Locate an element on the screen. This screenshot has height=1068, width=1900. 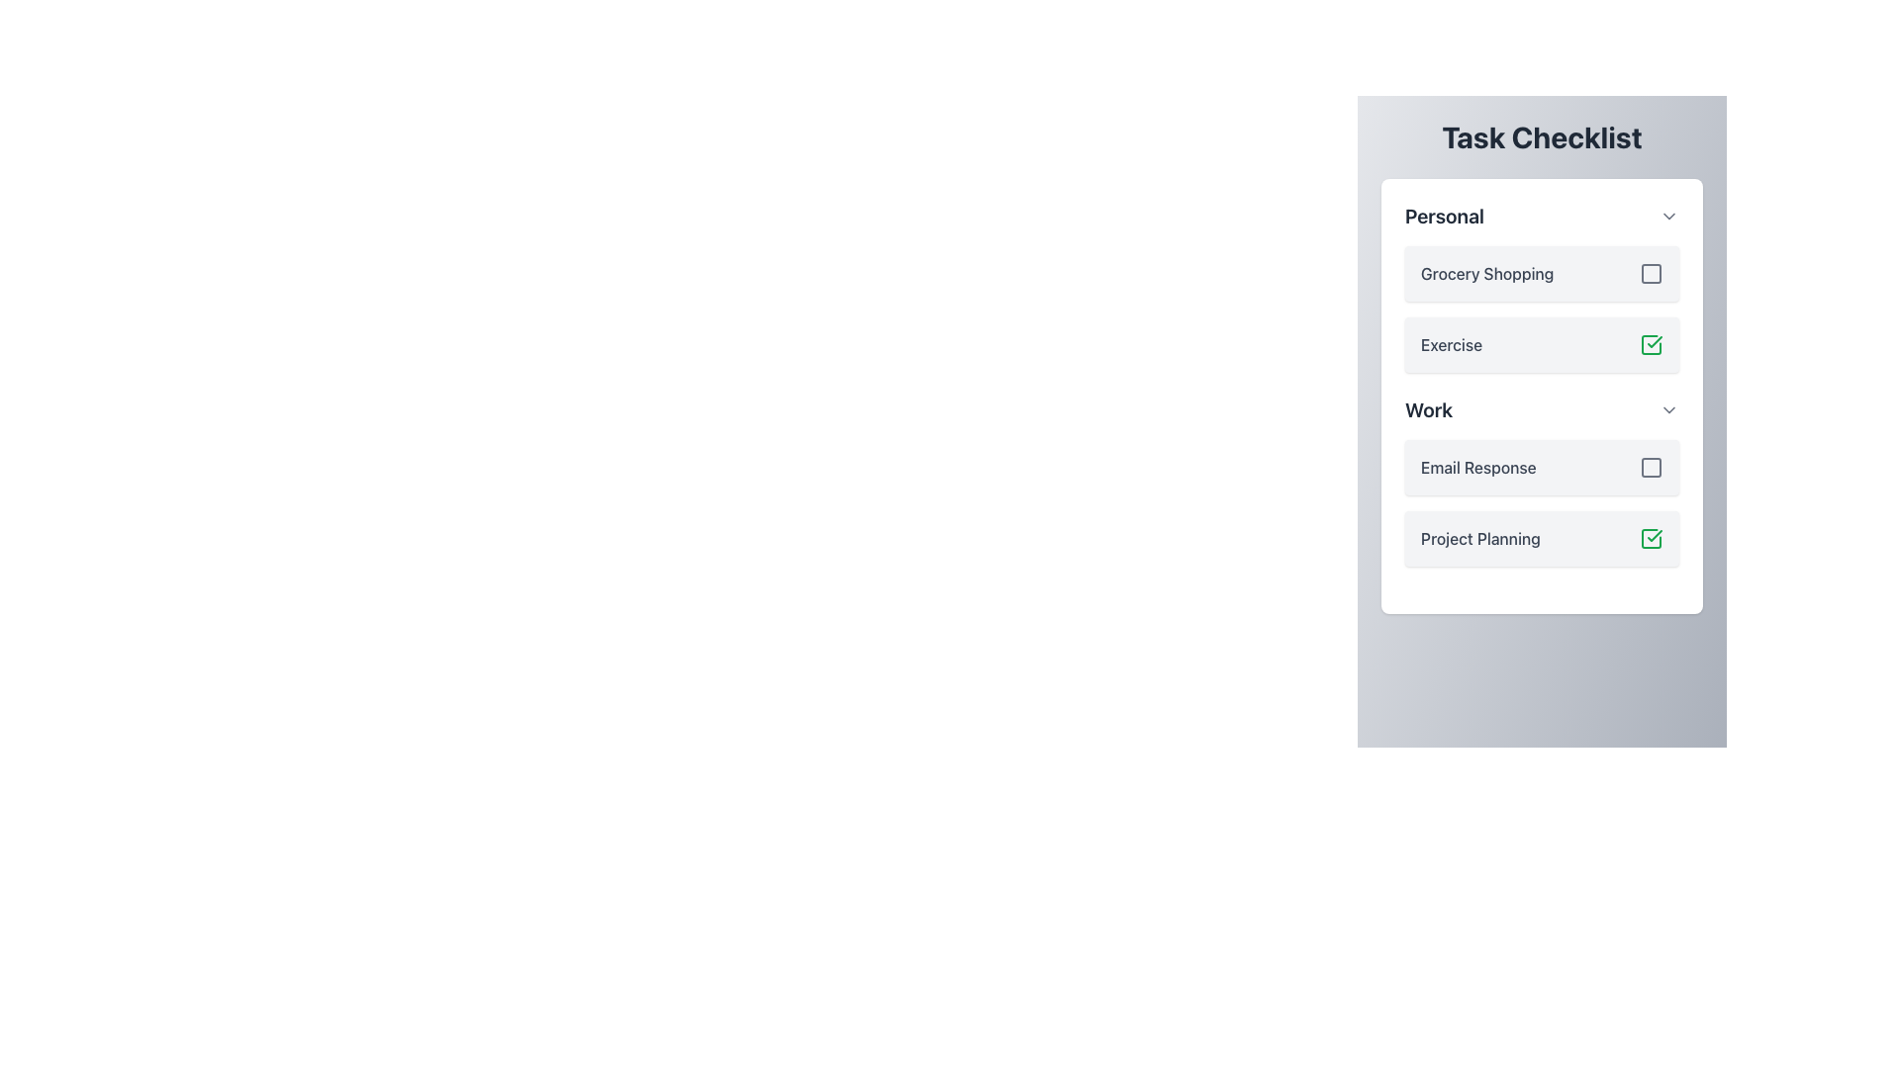
the checkboxes in the task list under the 'Personal' section is located at coordinates (1541, 309).